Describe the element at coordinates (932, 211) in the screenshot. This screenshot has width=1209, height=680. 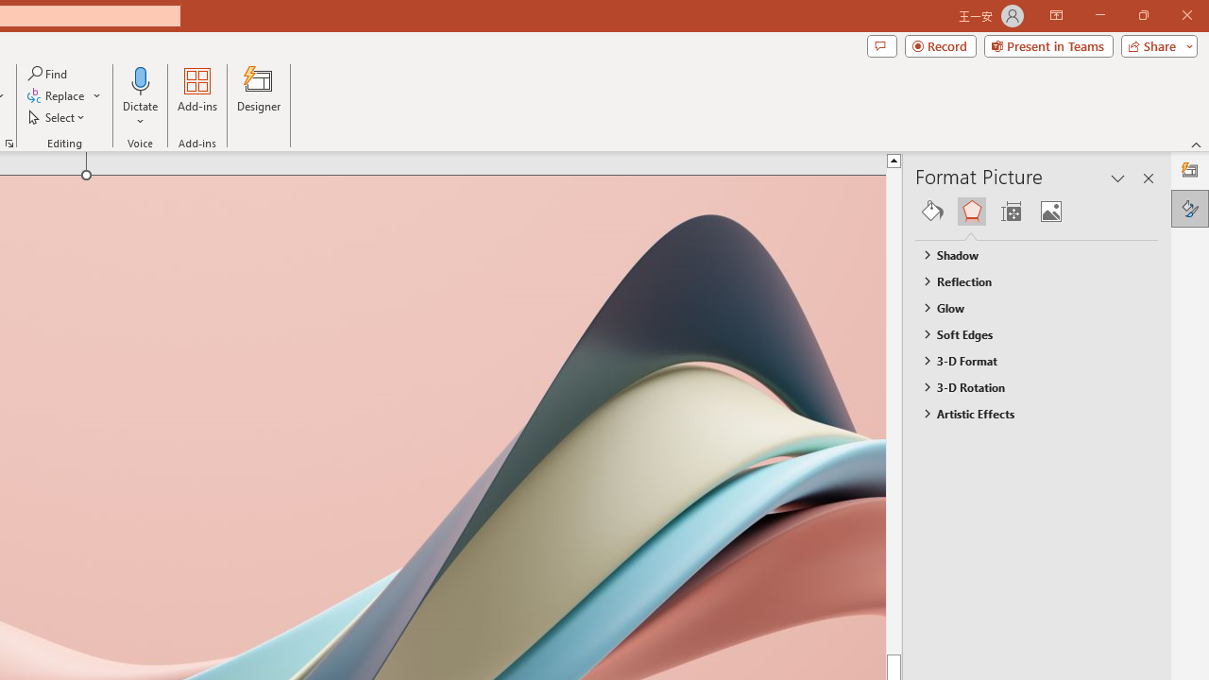
I see `'Fill & Line'` at that location.